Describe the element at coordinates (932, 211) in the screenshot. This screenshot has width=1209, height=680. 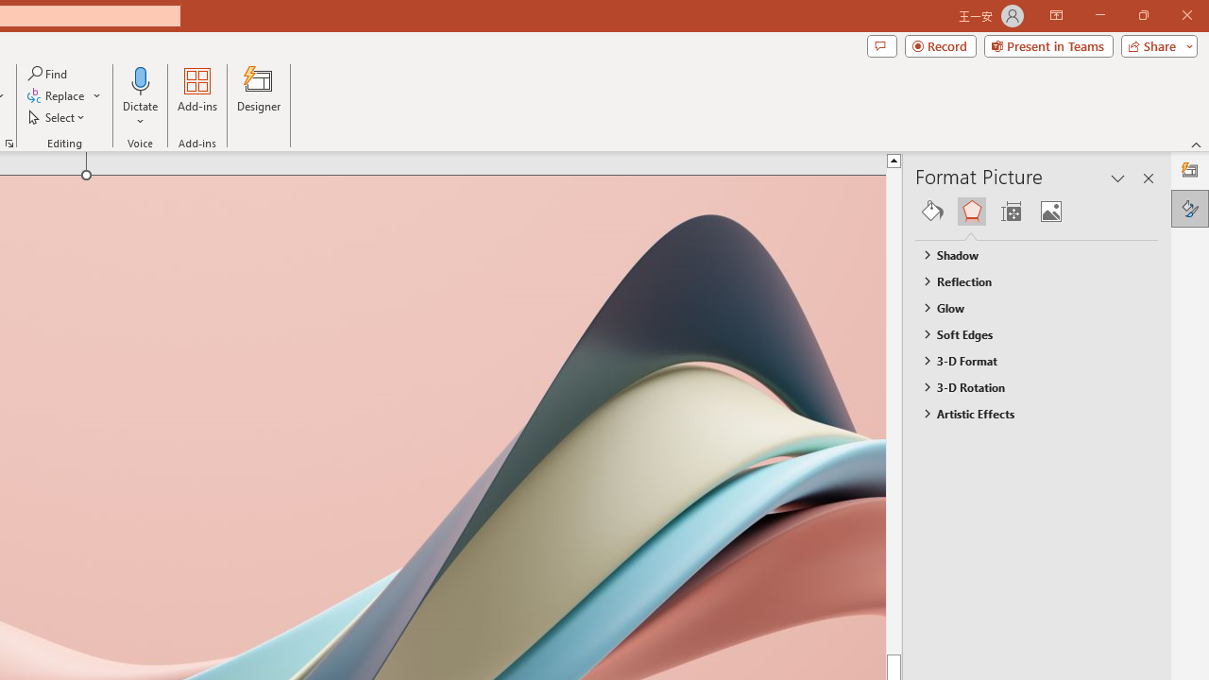
I see `'Fill & Line'` at that location.